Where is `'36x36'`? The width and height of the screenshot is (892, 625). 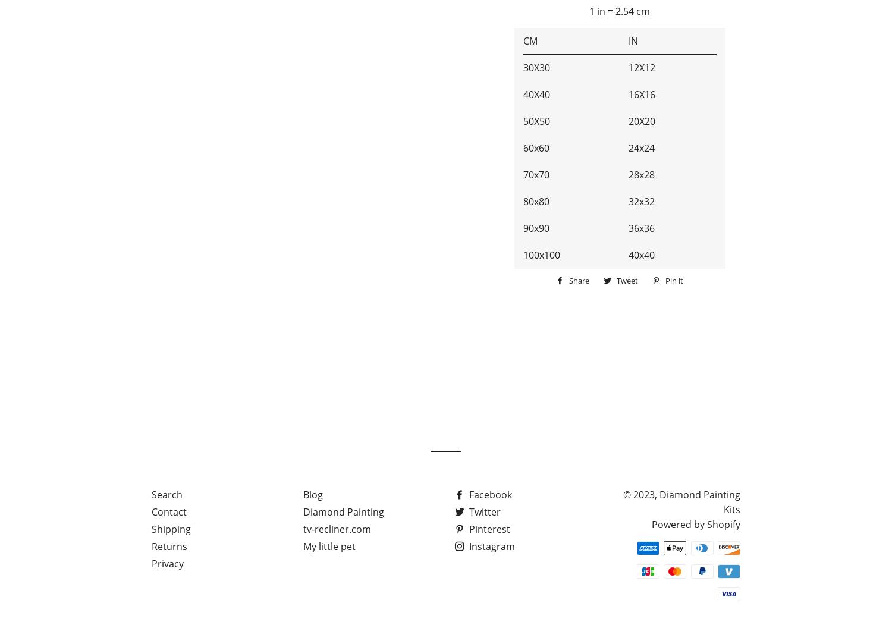 '36x36' is located at coordinates (640, 228).